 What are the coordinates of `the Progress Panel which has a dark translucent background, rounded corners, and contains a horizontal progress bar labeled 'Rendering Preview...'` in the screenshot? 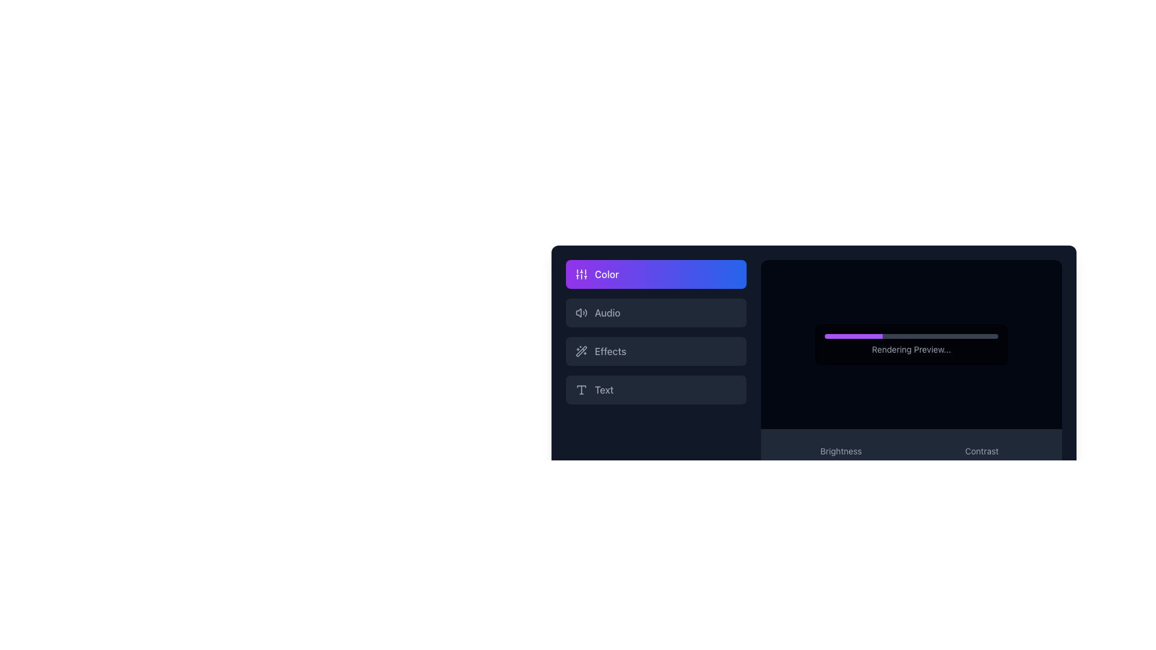 It's located at (911, 344).